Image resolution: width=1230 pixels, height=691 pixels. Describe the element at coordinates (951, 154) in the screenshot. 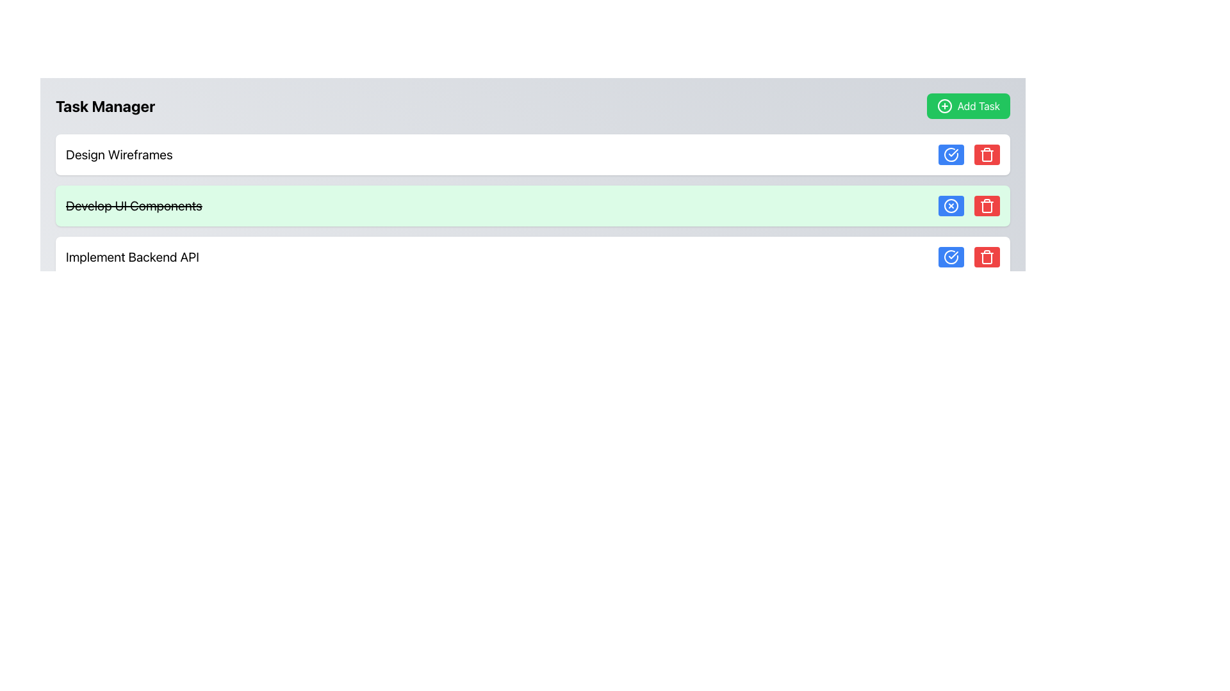

I see `the completion indicator icon located at the right end of the task item row labeled 'Develop UI Components' to mark the task as complete` at that location.